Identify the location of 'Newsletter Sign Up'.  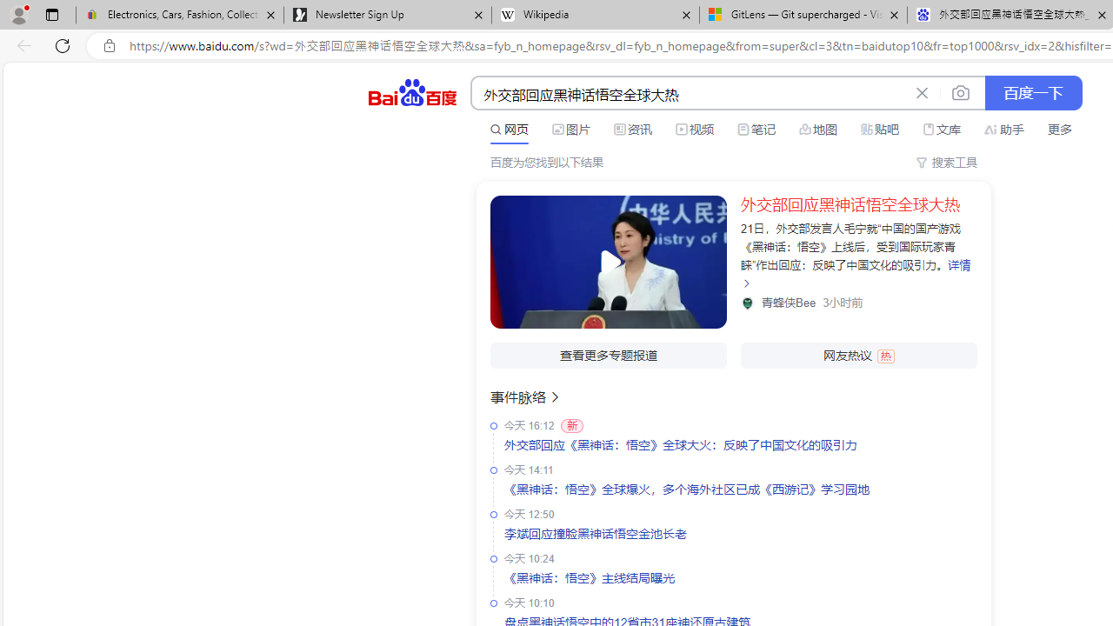
(386, 15).